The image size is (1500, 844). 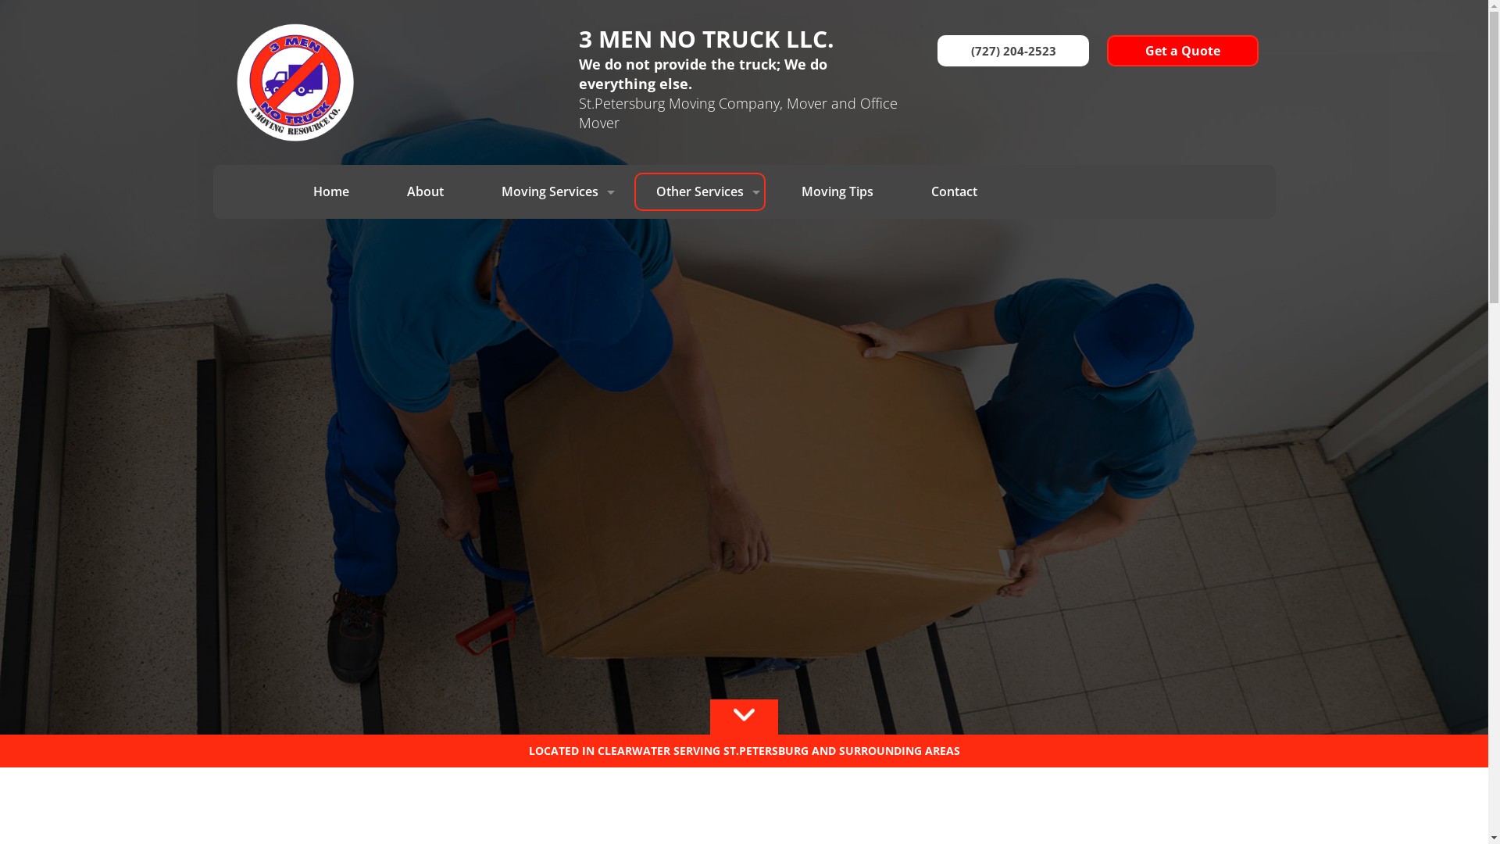 What do you see at coordinates (699, 230) in the screenshot?
I see `'Packing and Unpacking'` at bounding box center [699, 230].